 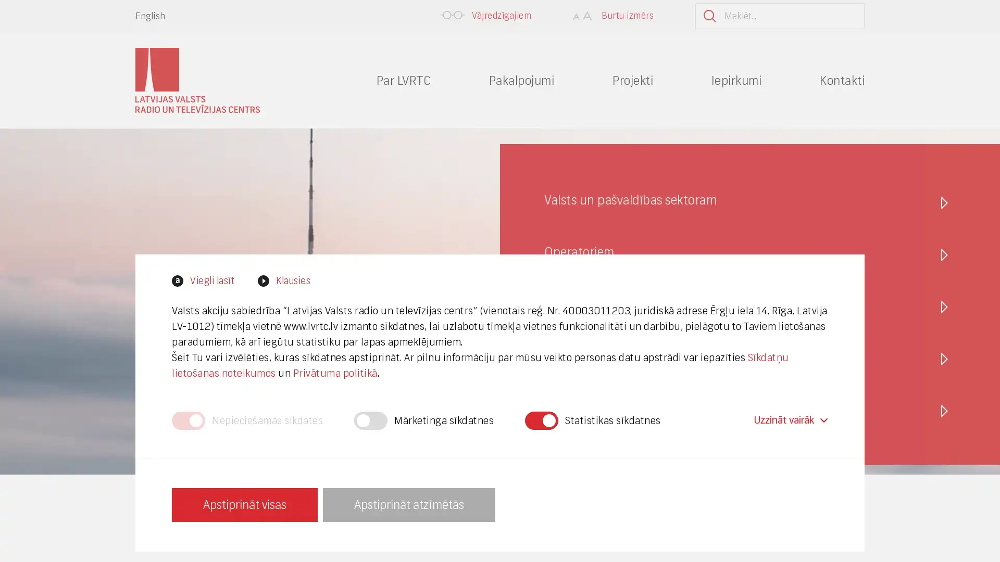 What do you see at coordinates (790, 419) in the screenshot?
I see `Uzzinat vairak` at bounding box center [790, 419].